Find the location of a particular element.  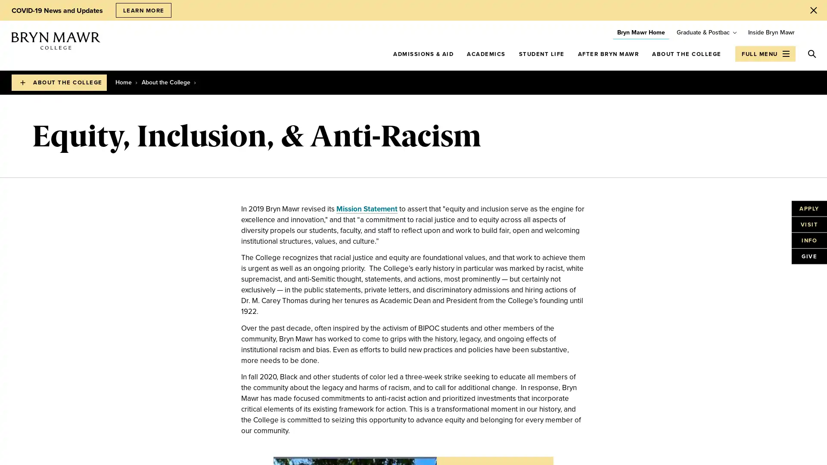

Close Alert is located at coordinates (813, 10).